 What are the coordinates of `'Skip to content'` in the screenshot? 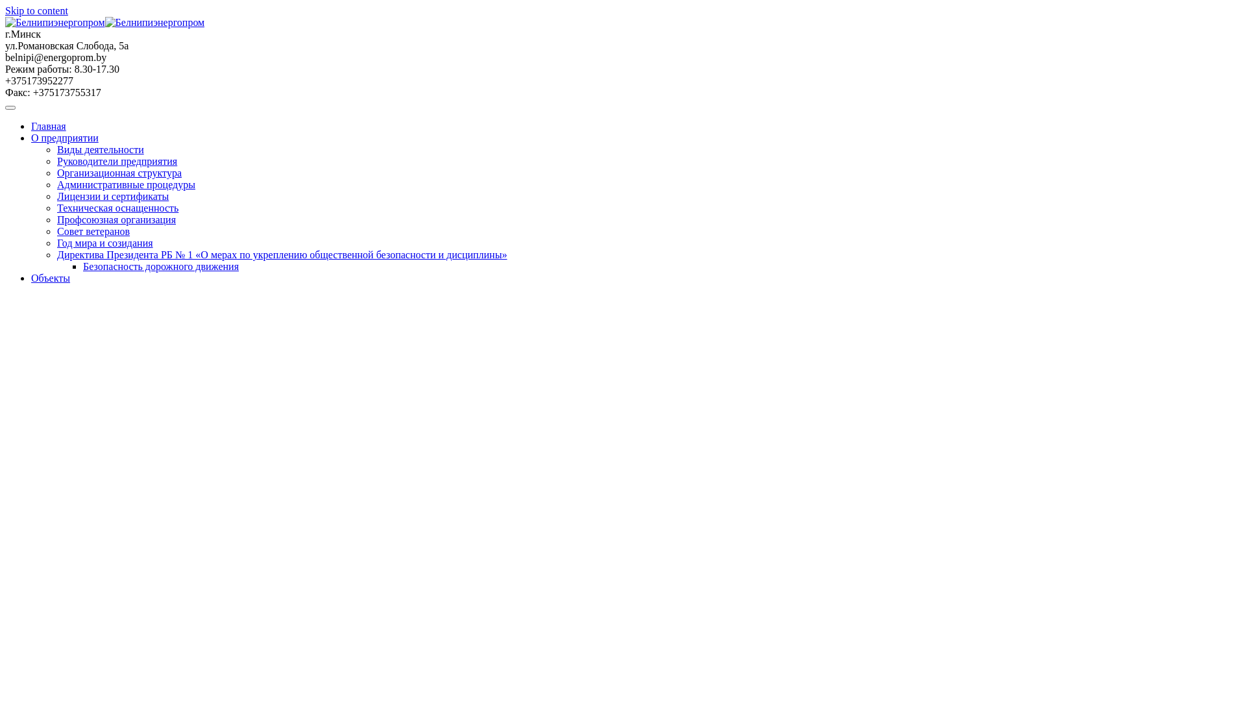 It's located at (36, 10).